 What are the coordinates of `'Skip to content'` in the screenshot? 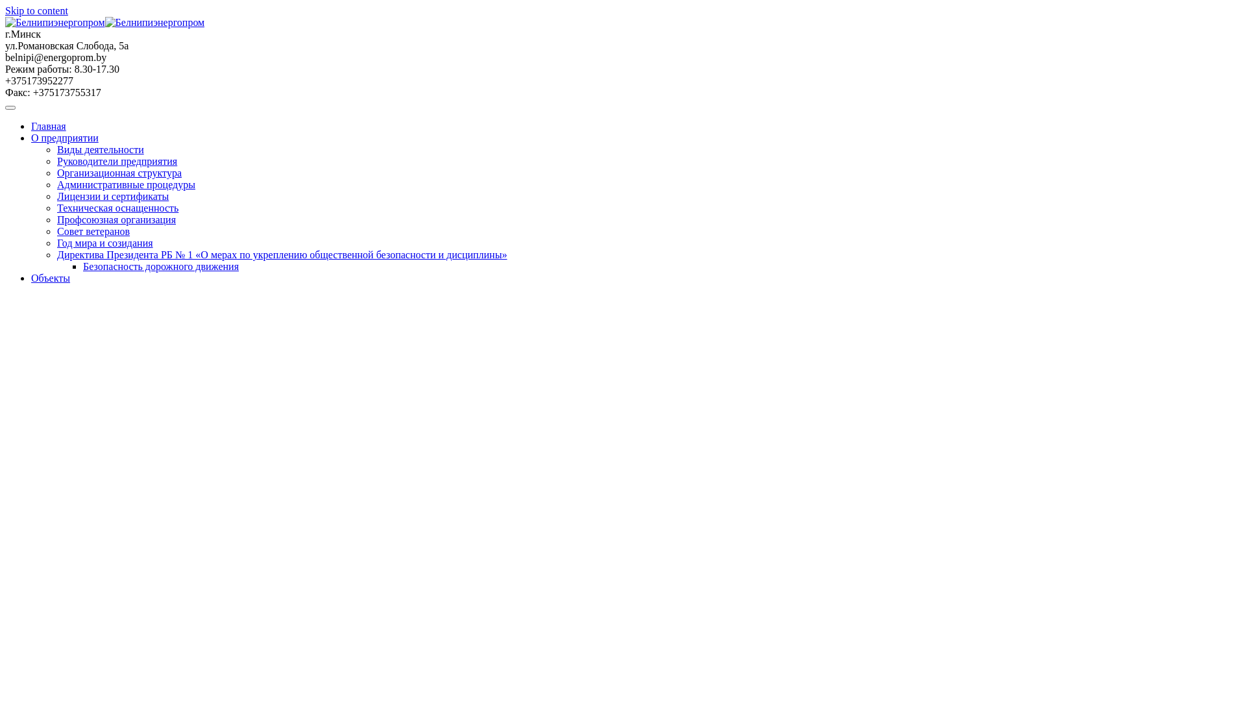 It's located at (36, 10).